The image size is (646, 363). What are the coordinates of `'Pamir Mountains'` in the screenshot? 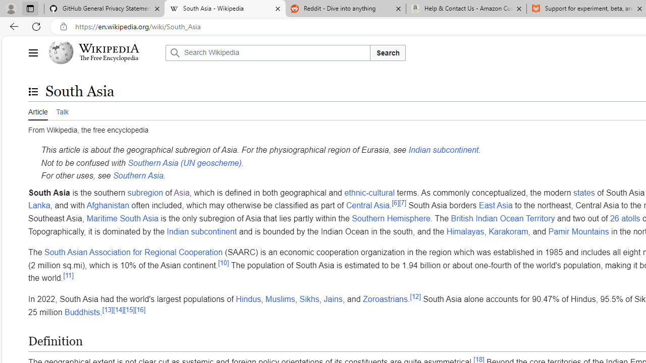 It's located at (578, 231).